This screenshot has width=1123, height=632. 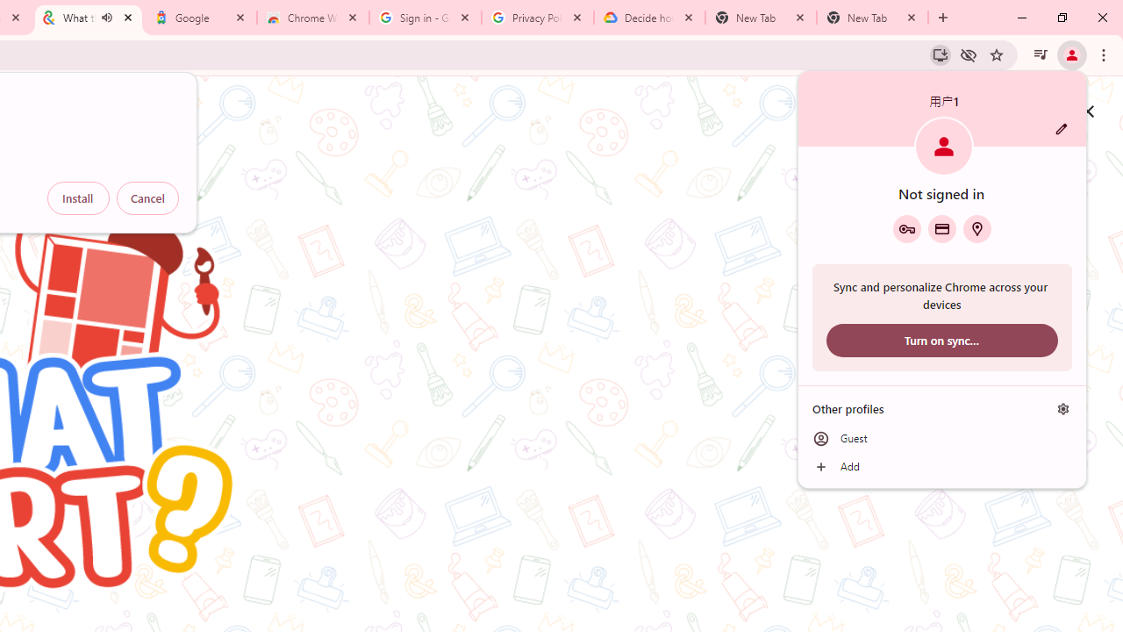 I want to click on 'Google Password Manager', so click(x=906, y=228).